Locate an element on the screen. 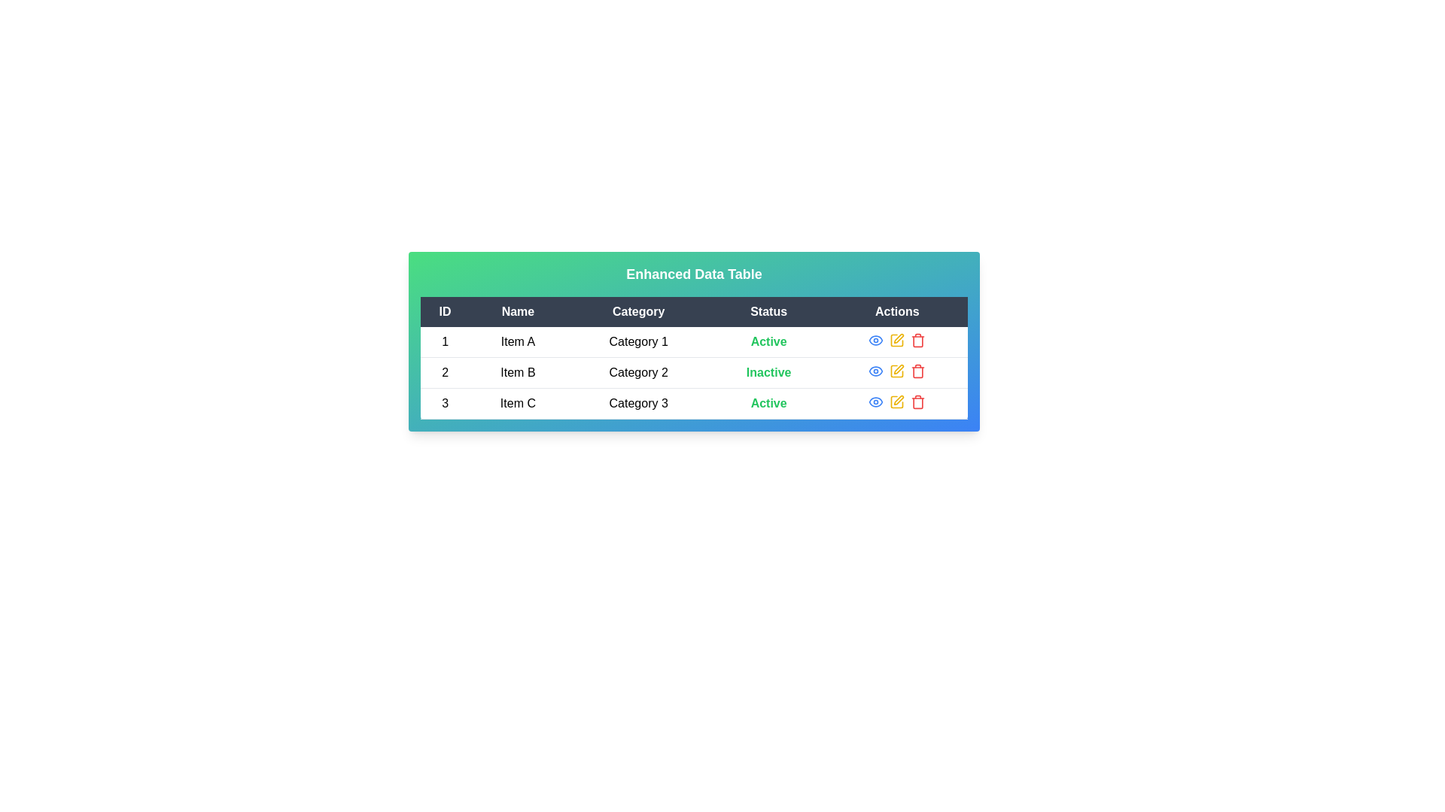 Image resolution: width=1445 pixels, height=812 pixels. the column header 'Name' to sort the rows by that column is located at coordinates (518, 311).